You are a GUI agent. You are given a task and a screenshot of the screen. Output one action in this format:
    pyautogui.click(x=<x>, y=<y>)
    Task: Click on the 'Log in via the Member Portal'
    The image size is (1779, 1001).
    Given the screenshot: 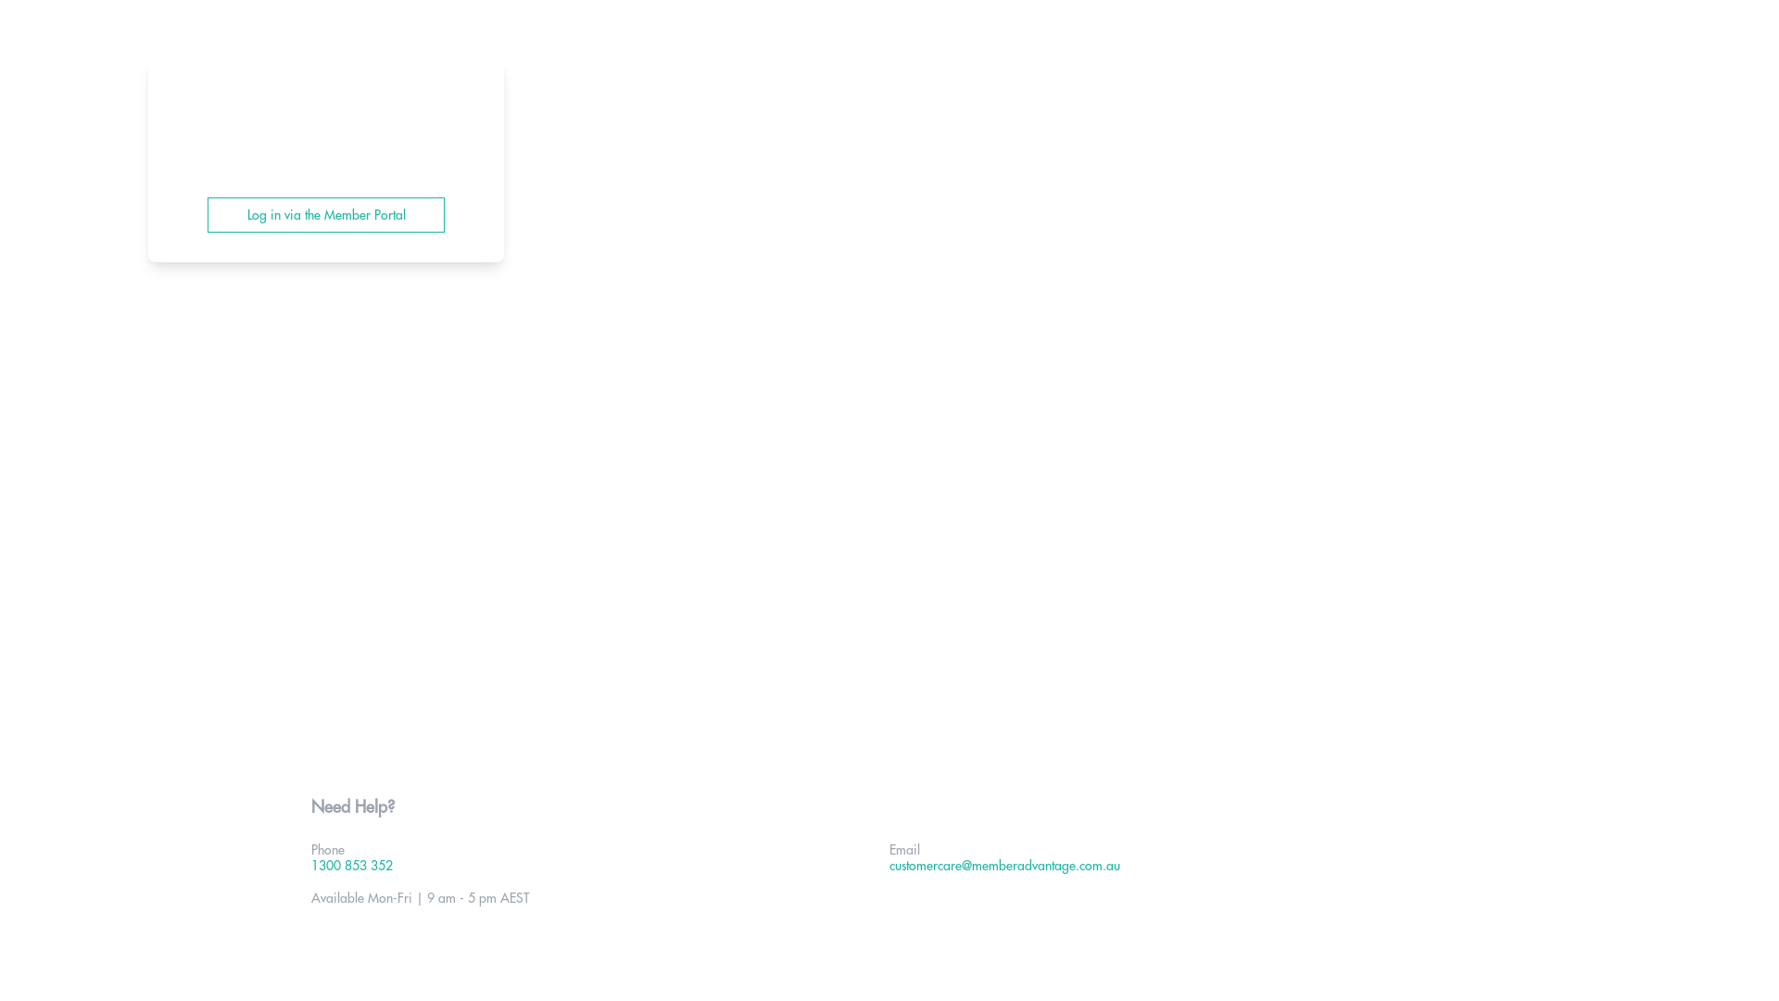 What is the action you would take?
    pyautogui.click(x=208, y=213)
    